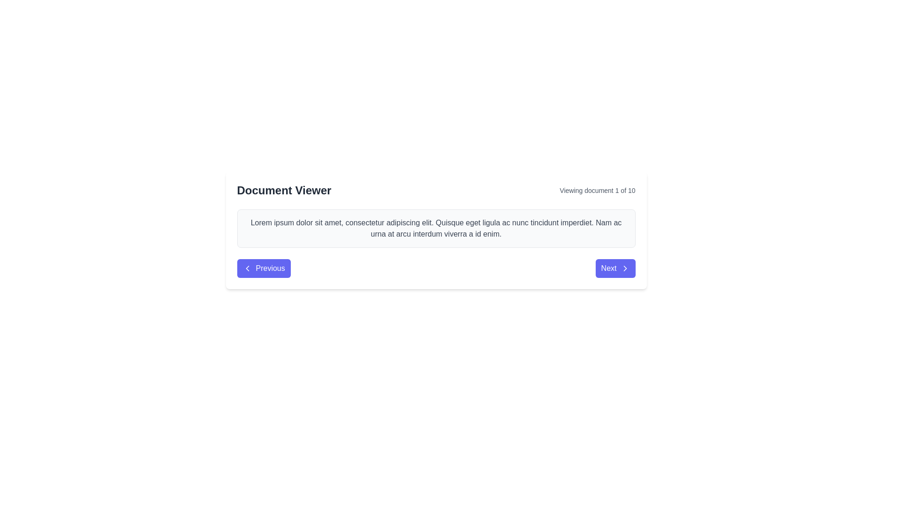 The height and width of the screenshot is (507, 902). What do you see at coordinates (247, 268) in the screenshot?
I see `the 'Previous' button, which contains an icon indicating its backward navigational function` at bounding box center [247, 268].